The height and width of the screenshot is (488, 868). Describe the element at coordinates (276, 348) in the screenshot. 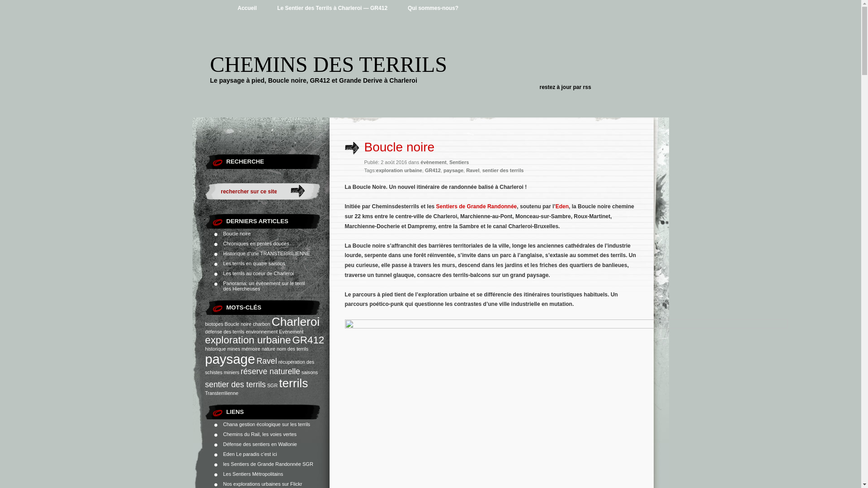

I see `'nom des terrils'` at that location.